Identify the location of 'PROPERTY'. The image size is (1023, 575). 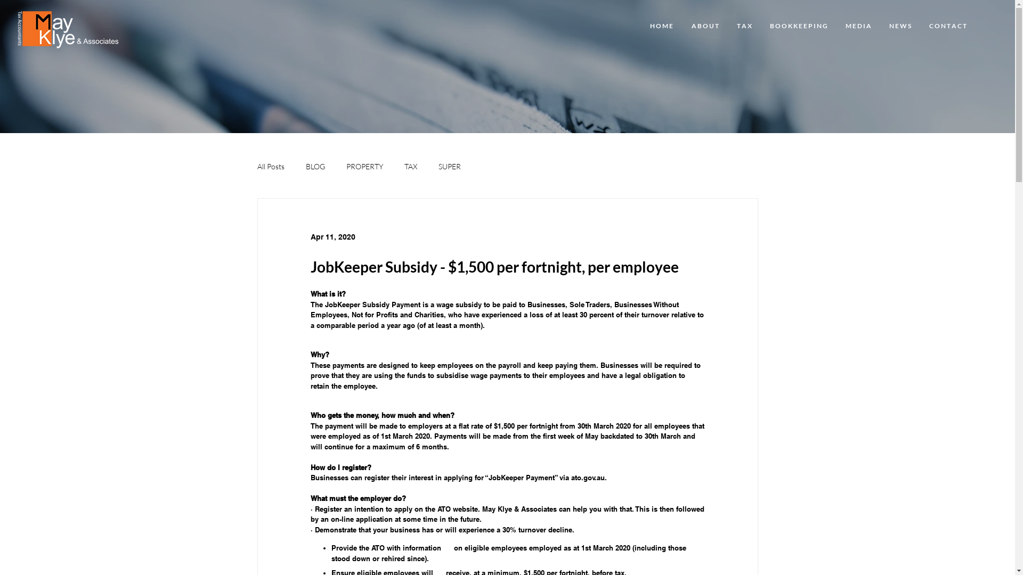
(364, 166).